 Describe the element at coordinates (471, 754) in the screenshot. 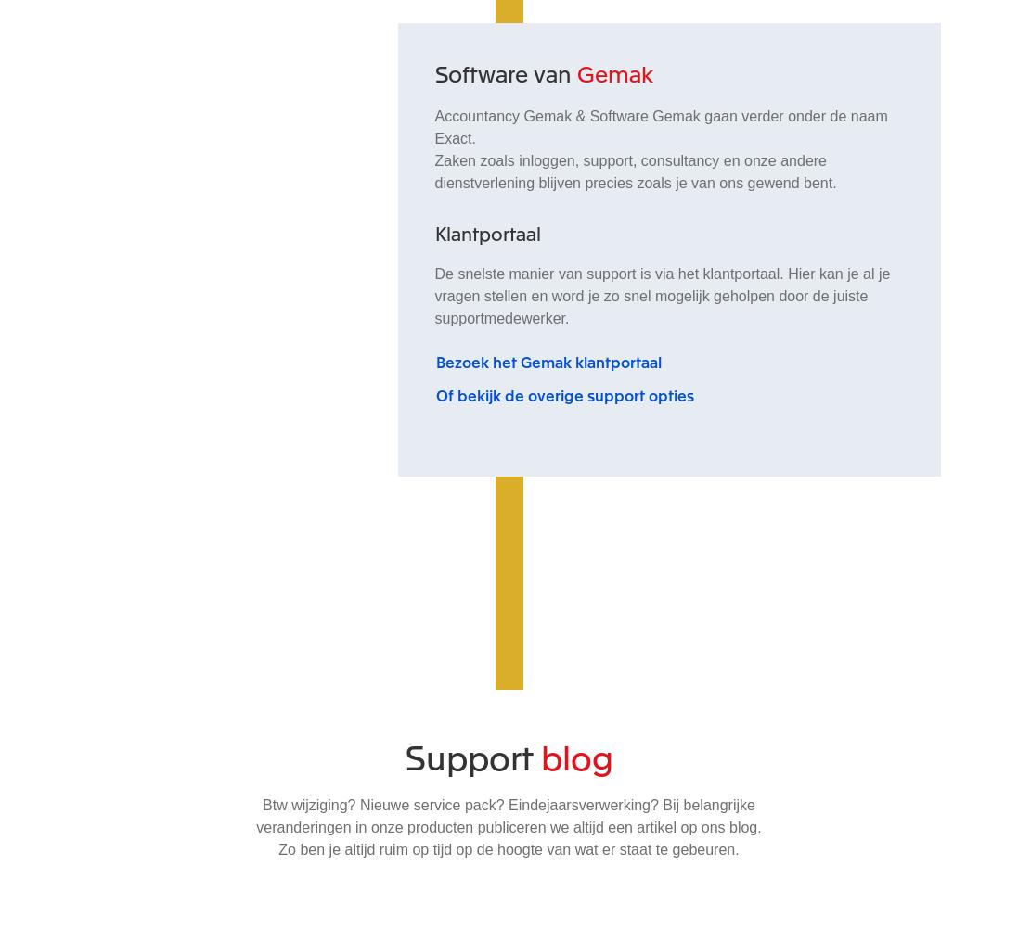

I see `'Support'` at that location.